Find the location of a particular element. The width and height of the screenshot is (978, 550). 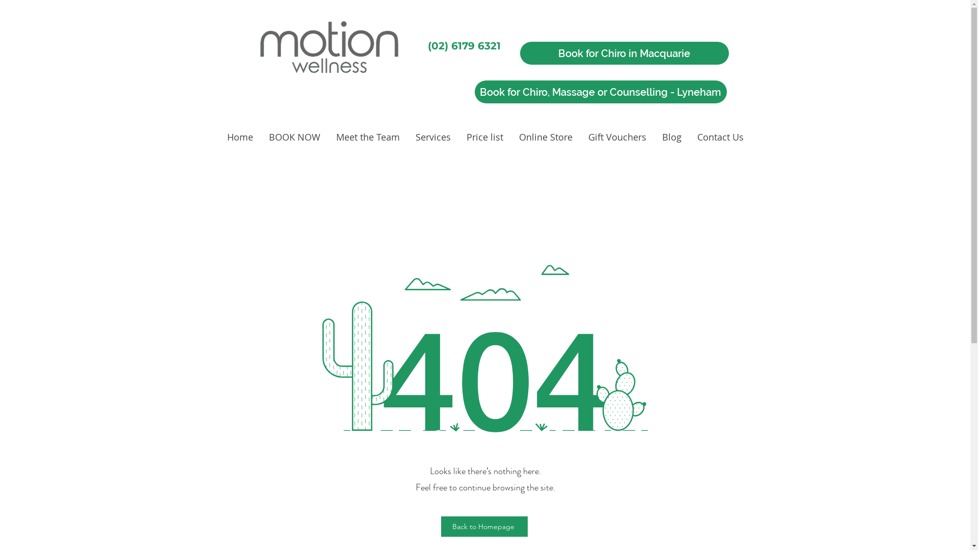

'Price list' is located at coordinates (483, 136).